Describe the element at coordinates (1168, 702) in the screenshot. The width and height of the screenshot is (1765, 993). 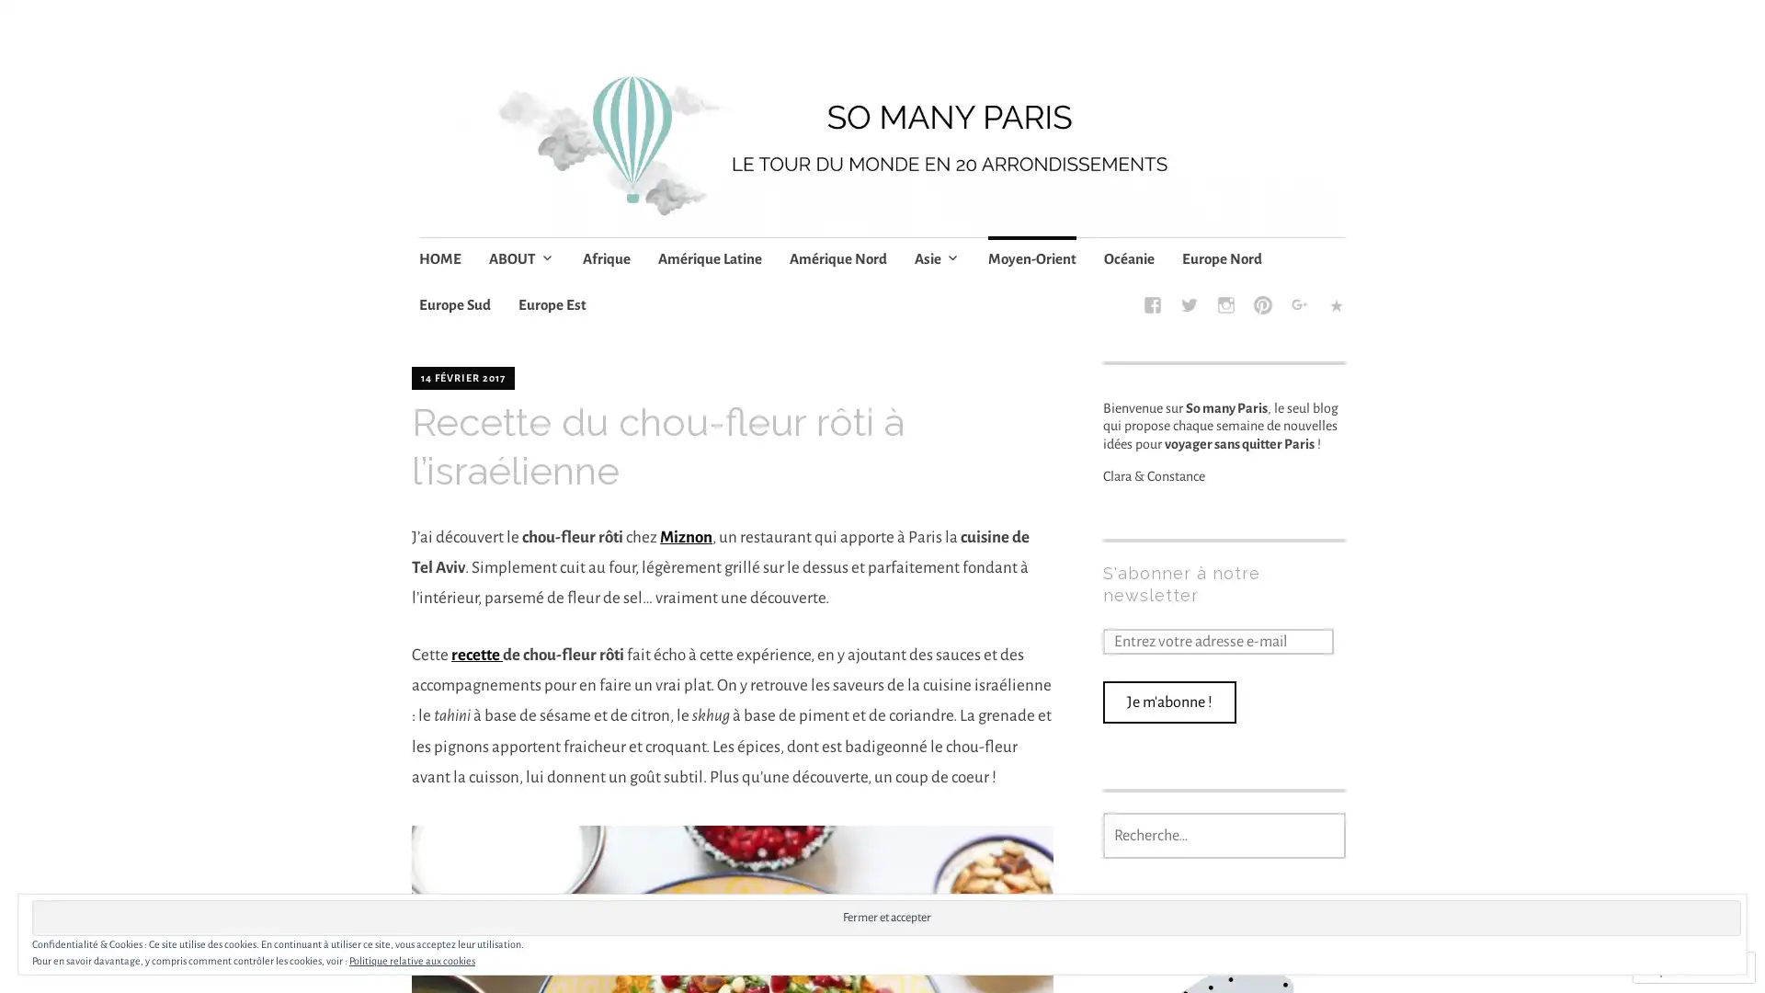
I see `Je m'abonne !` at that location.